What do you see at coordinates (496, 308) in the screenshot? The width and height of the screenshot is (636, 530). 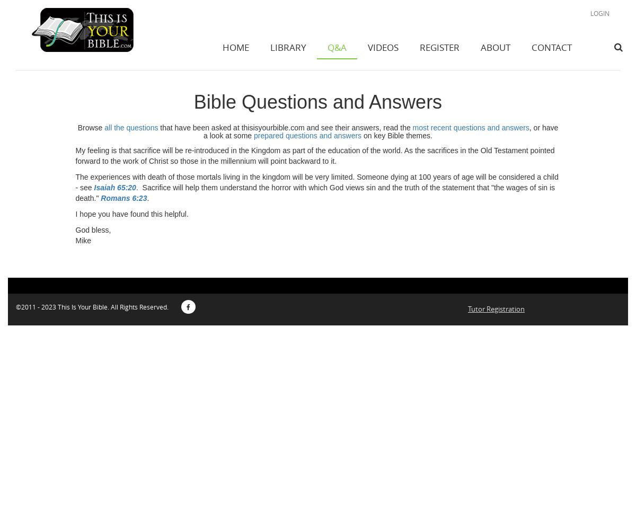 I see `'Tutor Registration'` at bounding box center [496, 308].